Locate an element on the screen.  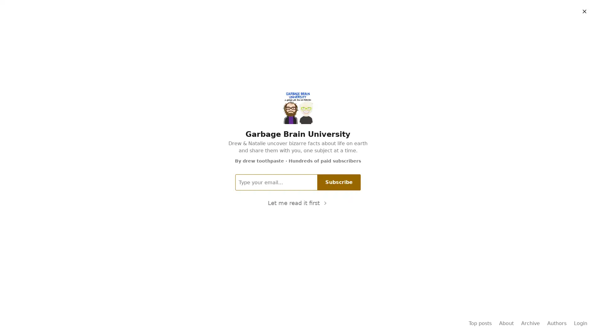
Close is located at coordinates (584, 11).